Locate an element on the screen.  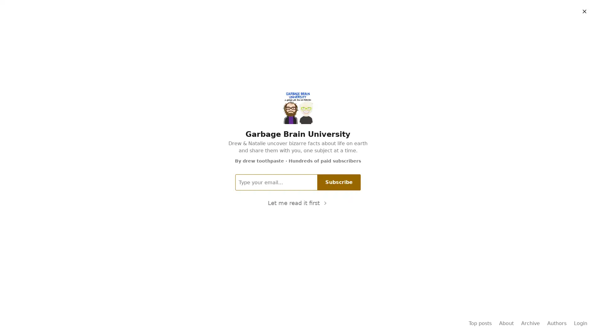
Close is located at coordinates (584, 11).